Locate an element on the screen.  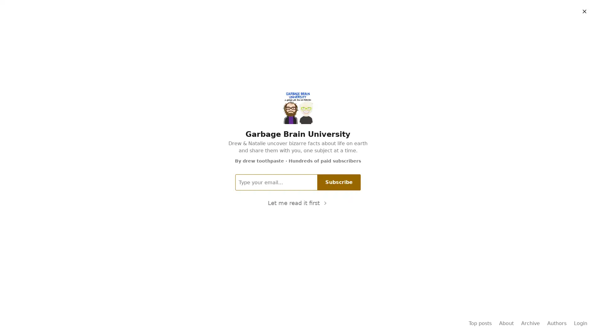
Close is located at coordinates (584, 11).